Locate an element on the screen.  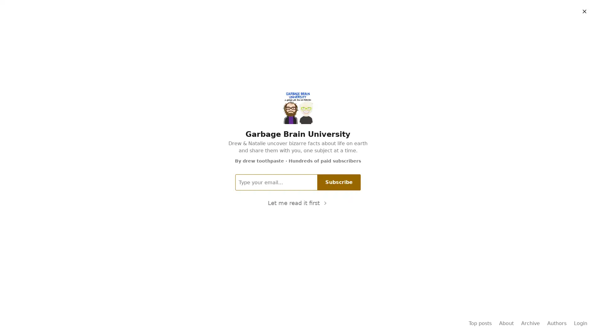
Close is located at coordinates (584, 11).